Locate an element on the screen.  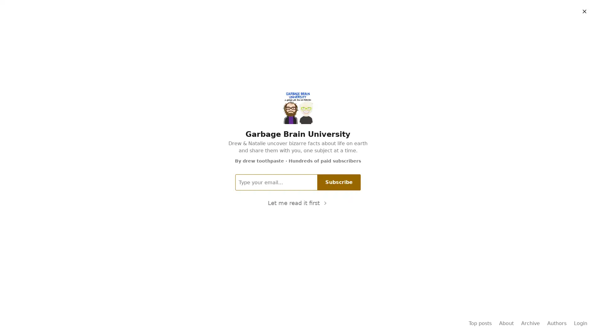
Close is located at coordinates (584, 11).